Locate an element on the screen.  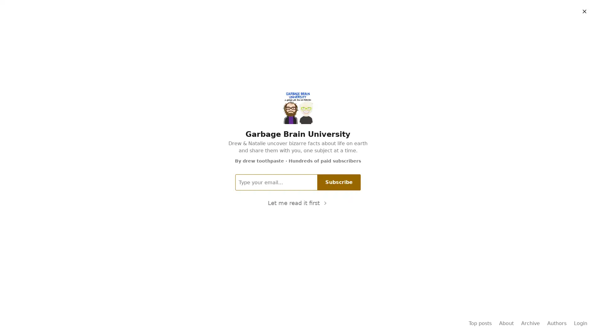
Close is located at coordinates (584, 11).